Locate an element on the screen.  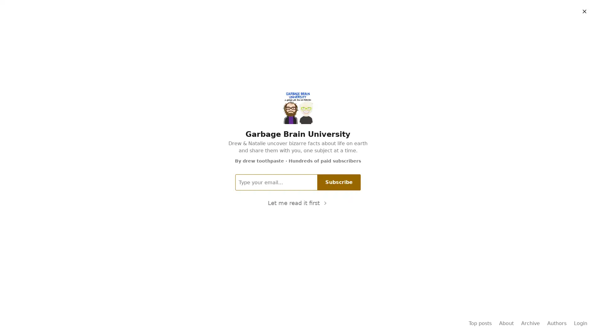
Close is located at coordinates (584, 11).